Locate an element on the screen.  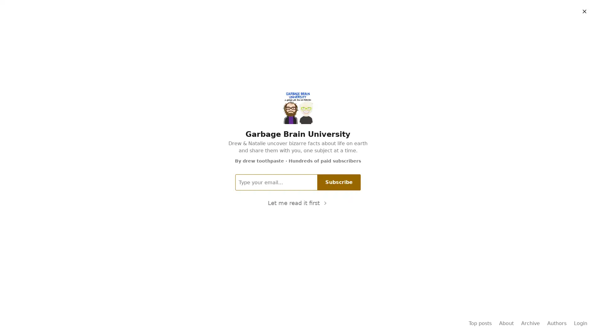
Close is located at coordinates (584, 11).